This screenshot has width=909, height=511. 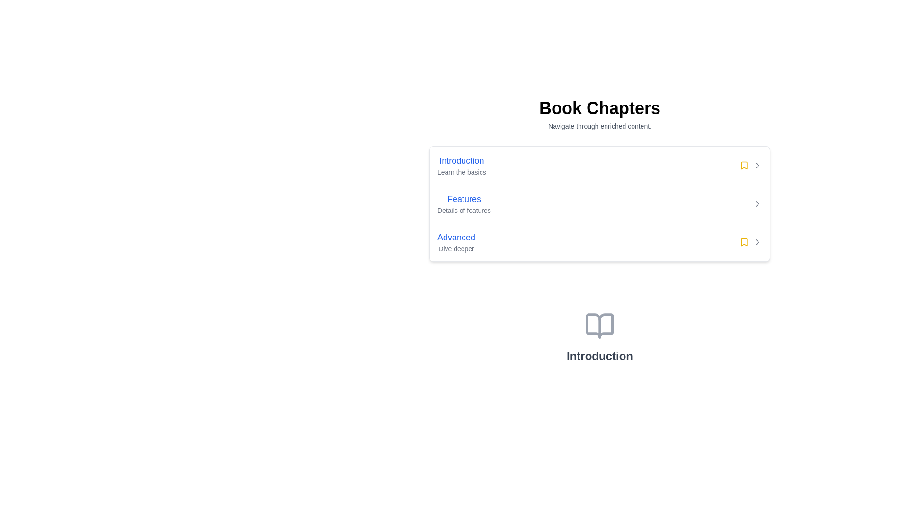 What do you see at coordinates (599, 326) in the screenshot?
I see `the book icon located in the 'Introduction' section, positioned directly above the text 'Introduction' and 'Learn the basics'` at bounding box center [599, 326].